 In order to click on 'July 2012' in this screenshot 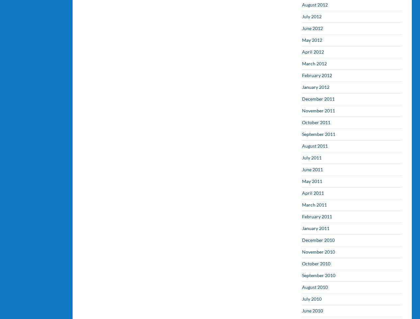, I will do `click(302, 16)`.